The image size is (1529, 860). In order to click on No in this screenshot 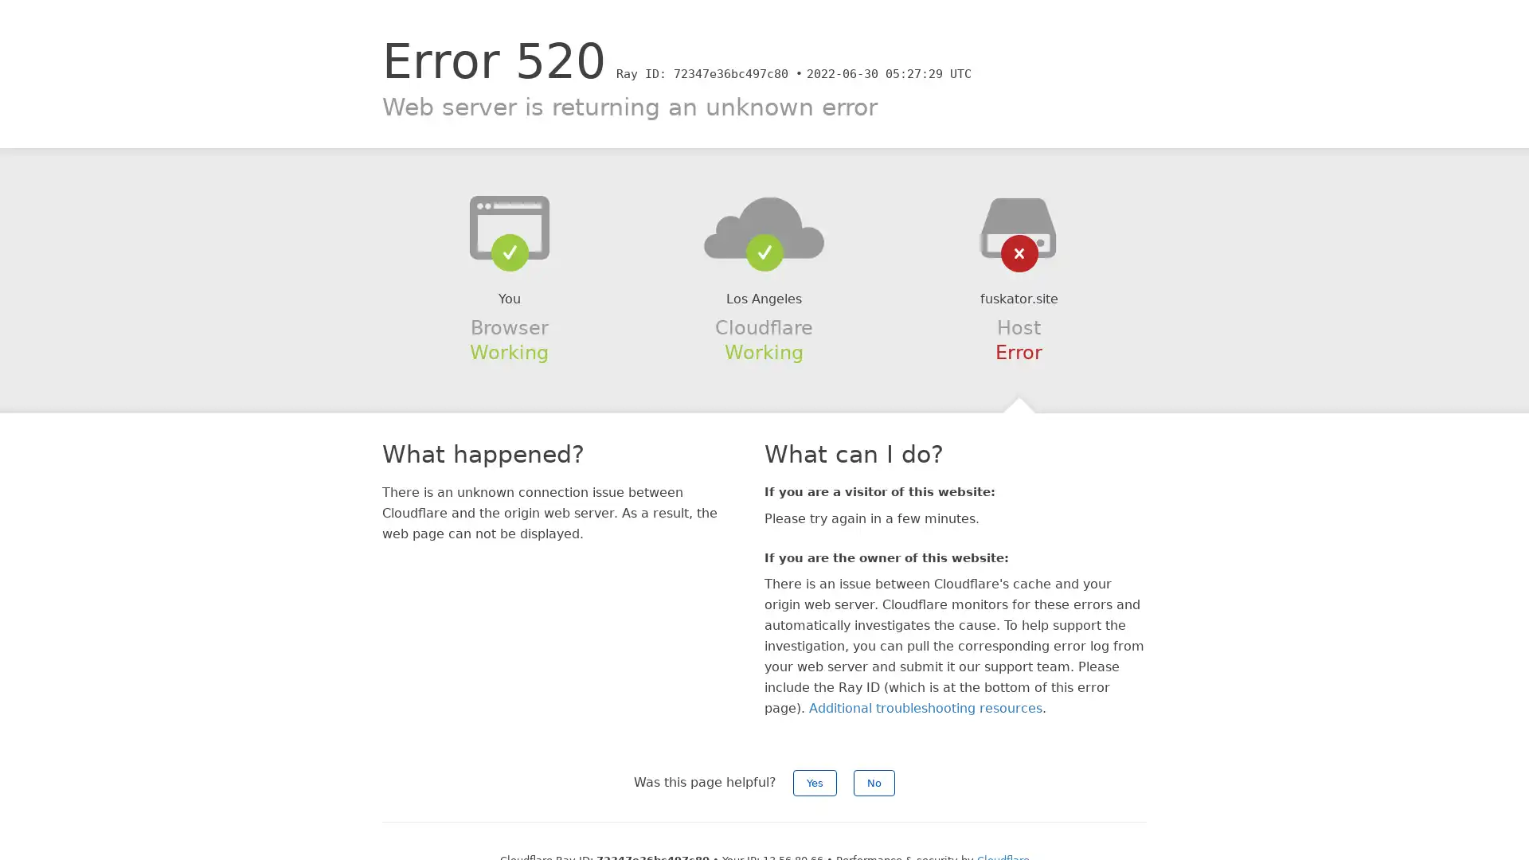, I will do `click(874, 782)`.